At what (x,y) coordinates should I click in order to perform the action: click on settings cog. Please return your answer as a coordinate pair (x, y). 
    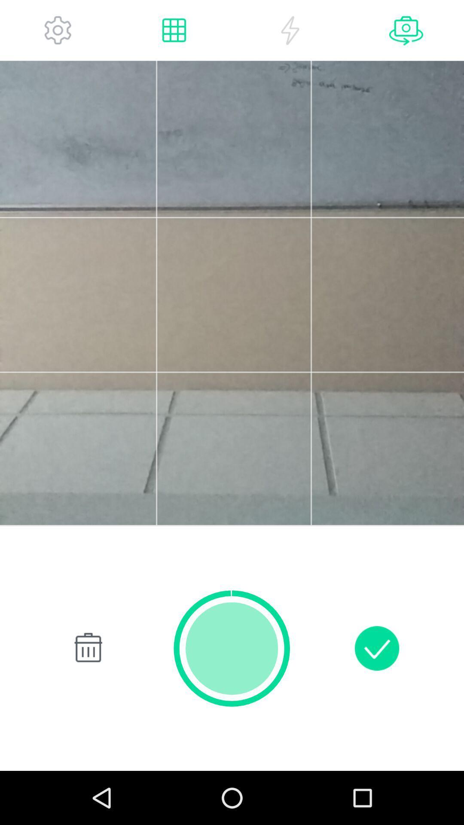
    Looking at the image, I should click on (58, 30).